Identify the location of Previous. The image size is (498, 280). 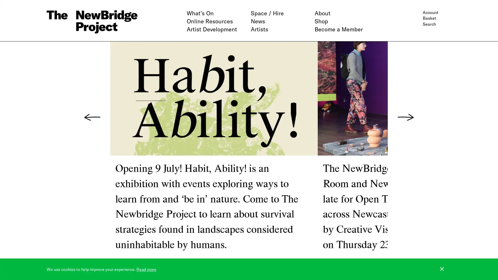
(92, 117).